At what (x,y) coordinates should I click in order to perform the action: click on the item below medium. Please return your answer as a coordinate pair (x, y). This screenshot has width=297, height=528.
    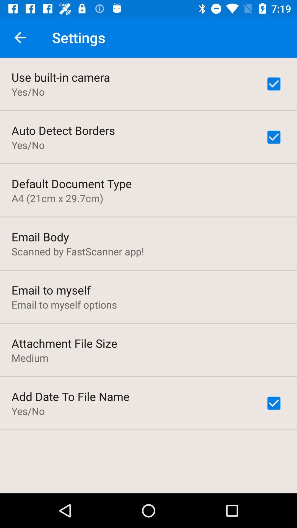
    Looking at the image, I should click on (70, 396).